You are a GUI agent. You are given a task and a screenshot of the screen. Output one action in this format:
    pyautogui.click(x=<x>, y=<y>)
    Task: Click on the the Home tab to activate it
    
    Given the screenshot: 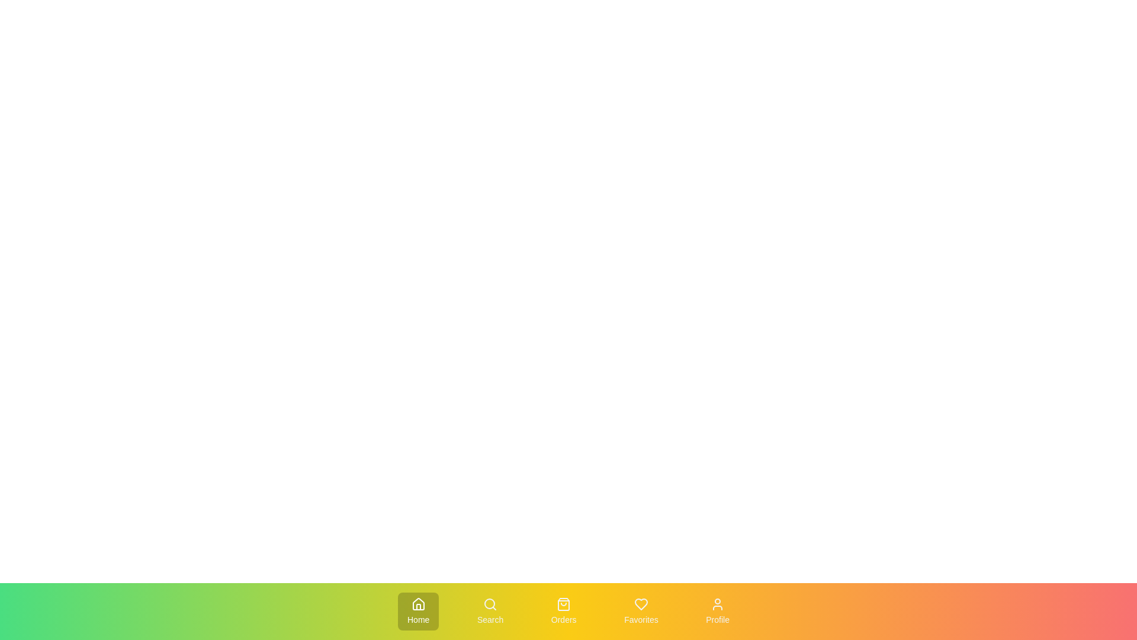 What is the action you would take?
    pyautogui.click(x=417, y=612)
    